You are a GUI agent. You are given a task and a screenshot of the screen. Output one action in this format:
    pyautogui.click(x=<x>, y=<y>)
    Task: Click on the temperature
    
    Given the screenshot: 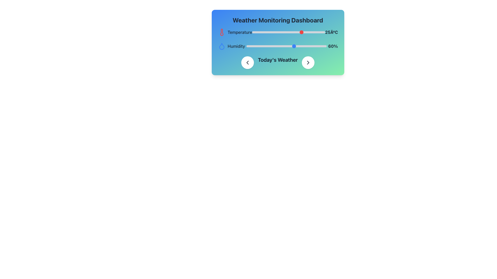 What is the action you would take?
    pyautogui.click(x=297, y=32)
    